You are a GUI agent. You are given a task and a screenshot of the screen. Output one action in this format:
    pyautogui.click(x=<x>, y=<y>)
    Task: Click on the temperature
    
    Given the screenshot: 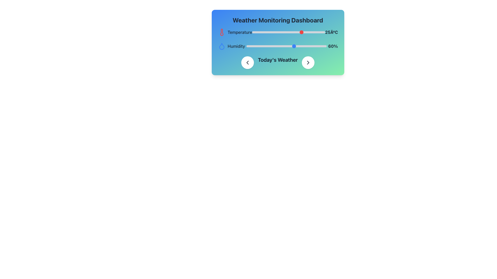 What is the action you would take?
    pyautogui.click(x=297, y=32)
    